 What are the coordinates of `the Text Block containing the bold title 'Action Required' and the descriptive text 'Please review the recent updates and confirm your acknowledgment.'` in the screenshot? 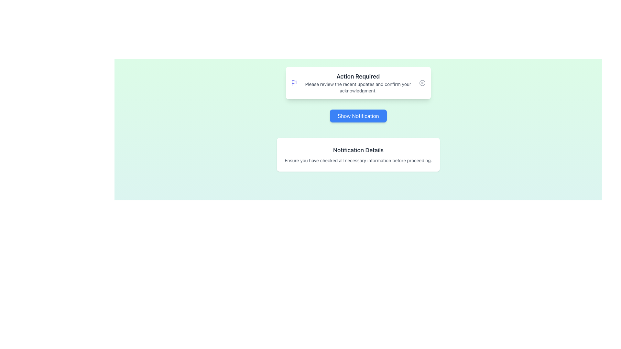 It's located at (358, 83).